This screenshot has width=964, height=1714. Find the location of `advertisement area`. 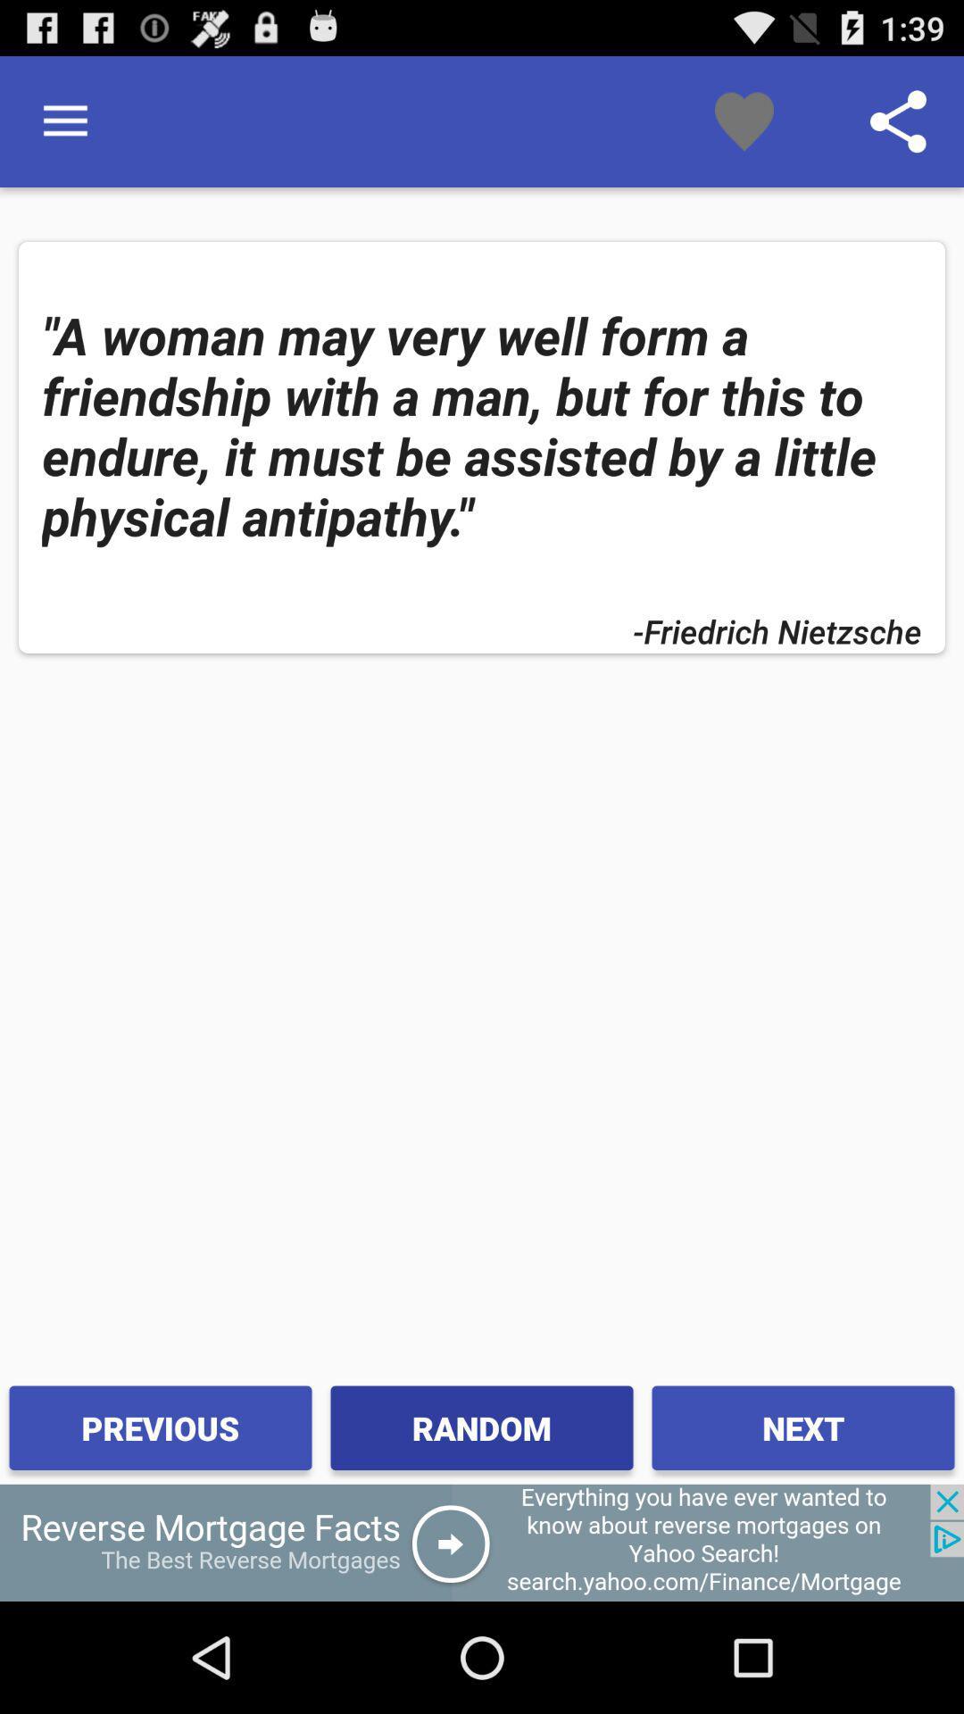

advertisement area is located at coordinates (482, 1542).